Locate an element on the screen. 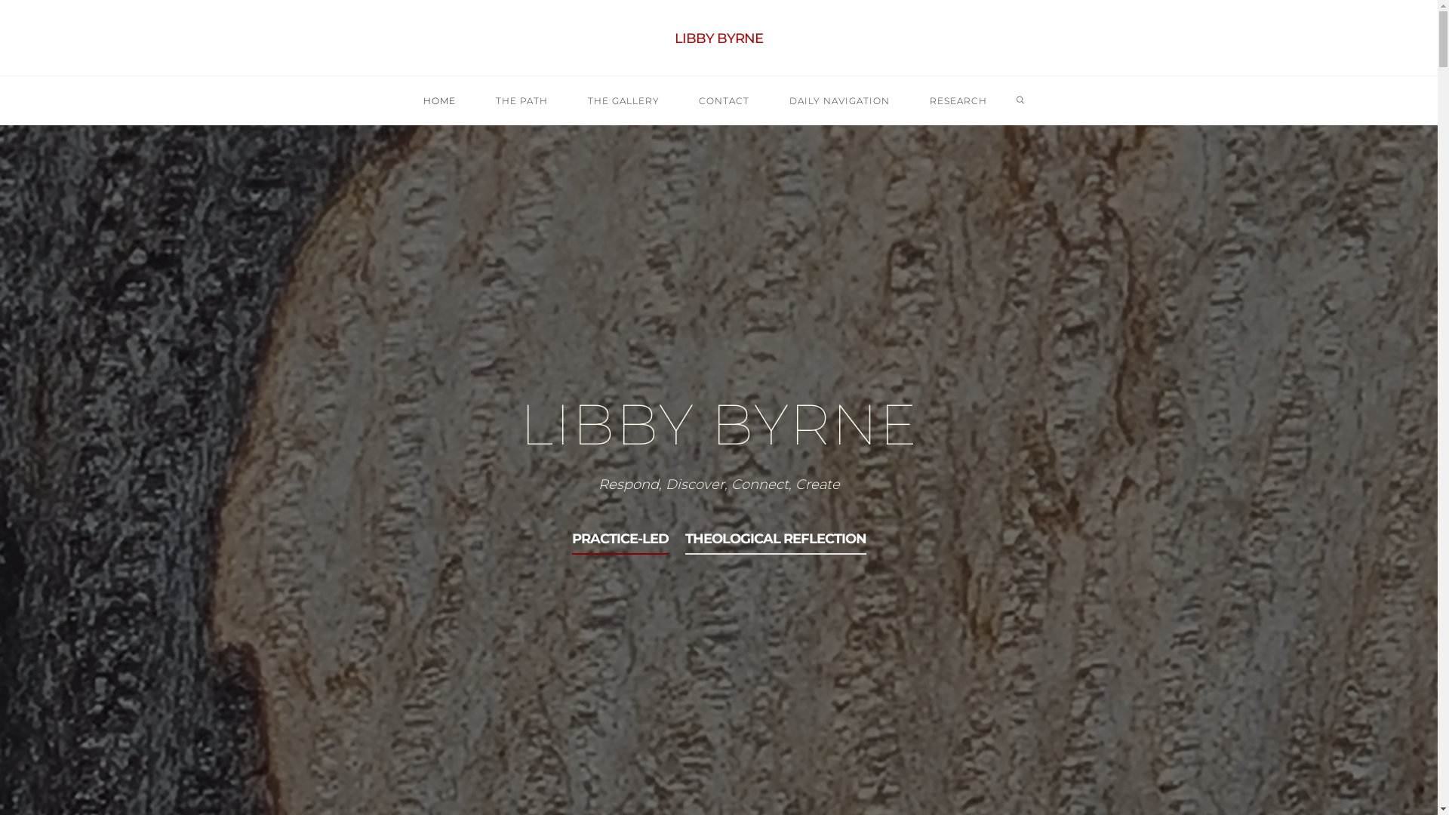 This screenshot has width=1449, height=815. 'HOME' is located at coordinates (438, 100).